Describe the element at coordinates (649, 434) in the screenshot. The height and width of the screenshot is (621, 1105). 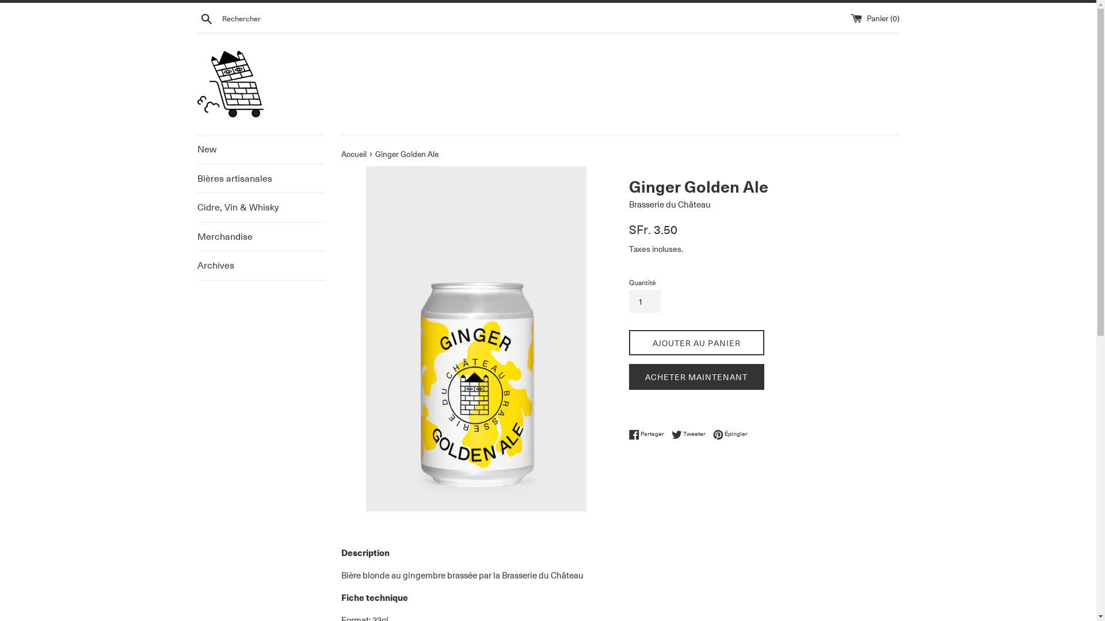
I see `'Partager` at that location.